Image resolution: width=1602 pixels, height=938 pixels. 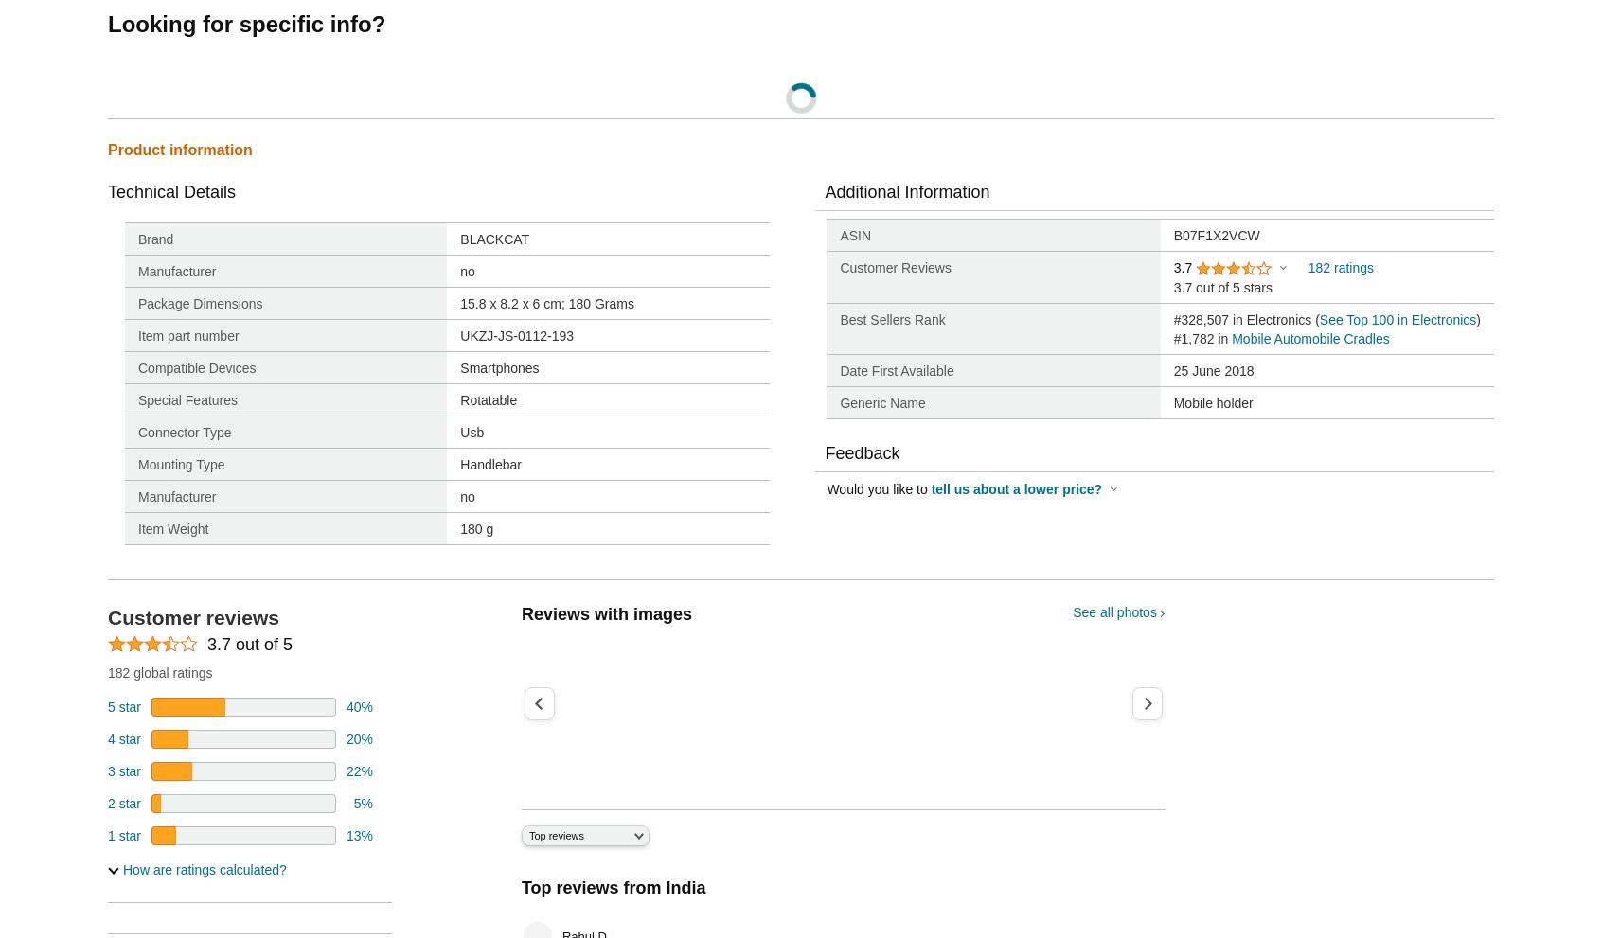 I want to click on 'Mobile holder', so click(x=1212, y=402).